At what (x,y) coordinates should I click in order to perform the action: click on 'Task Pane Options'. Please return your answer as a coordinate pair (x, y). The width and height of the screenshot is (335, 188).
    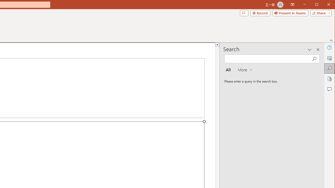
    Looking at the image, I should click on (310, 50).